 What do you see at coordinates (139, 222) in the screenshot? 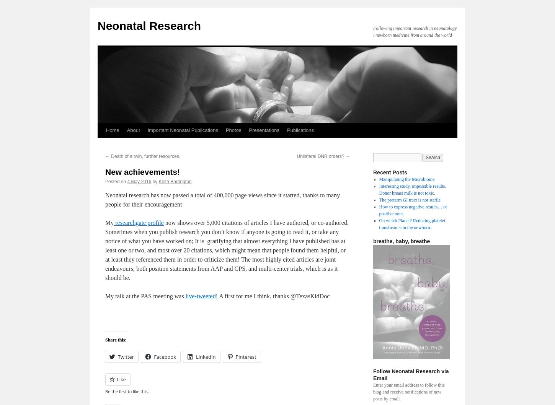
I see `'researchgate profile'` at bounding box center [139, 222].